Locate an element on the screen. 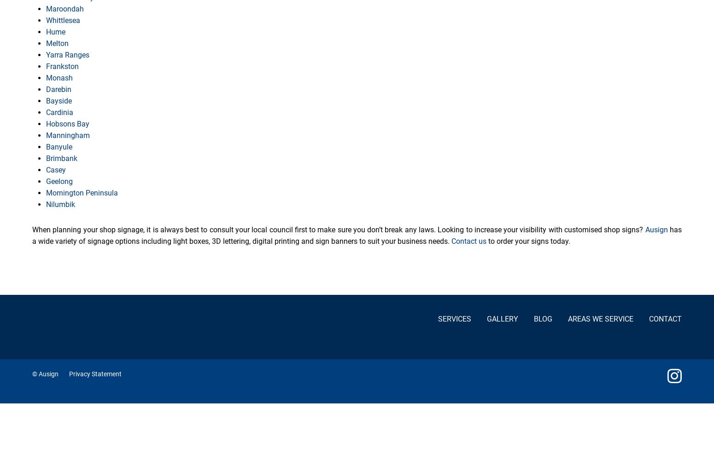 The height and width of the screenshot is (460, 714). 'Blog' is located at coordinates (543, 318).